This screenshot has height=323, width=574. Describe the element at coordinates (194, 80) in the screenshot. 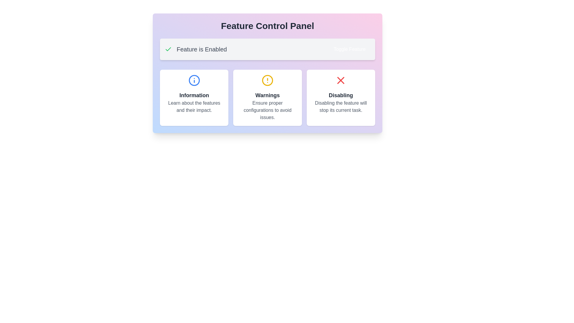

I see `the informational icon located at the top of the 'Information' card, which is centrally positioned in the row of three cards, to attract user attention` at that location.